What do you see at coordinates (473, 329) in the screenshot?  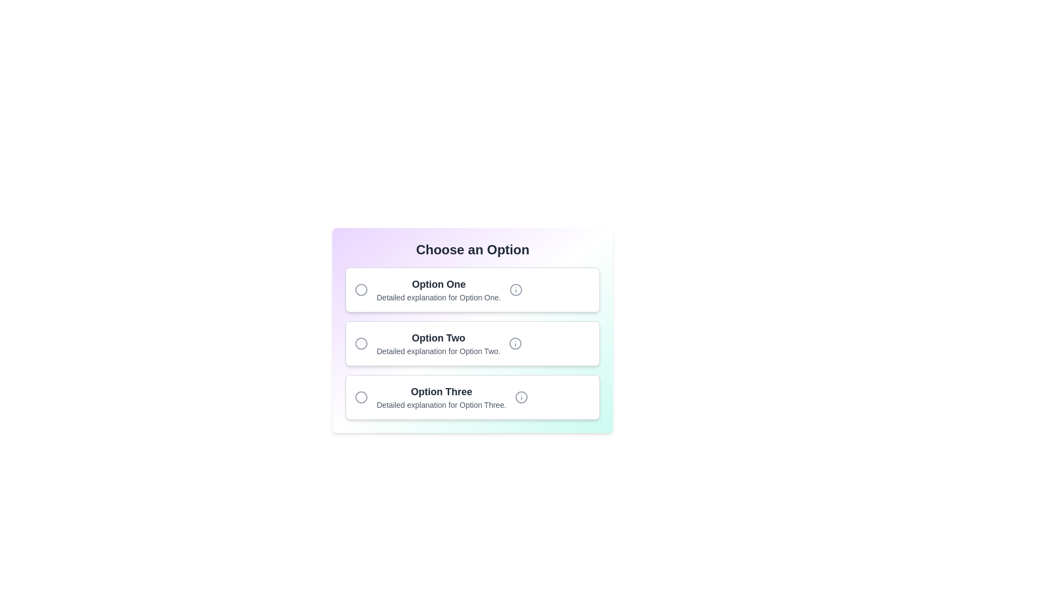 I see `the second selectable option in the list, which has a gradient background transitioning from purple to teal` at bounding box center [473, 329].